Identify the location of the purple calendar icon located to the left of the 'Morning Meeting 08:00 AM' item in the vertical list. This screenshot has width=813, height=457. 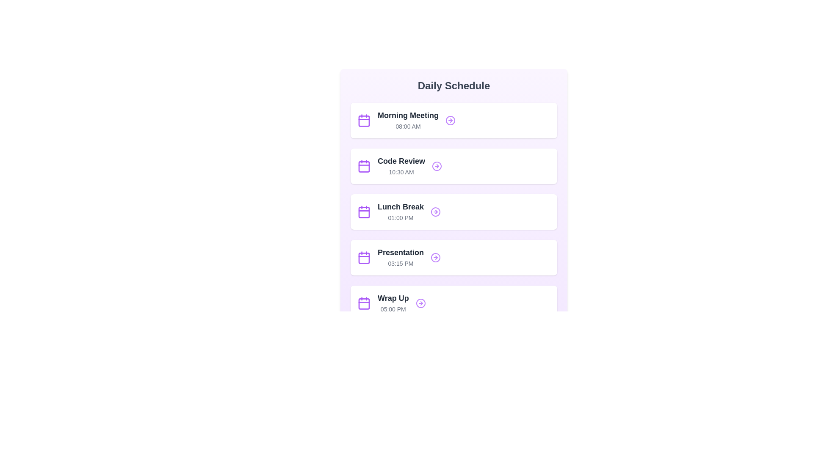
(364, 121).